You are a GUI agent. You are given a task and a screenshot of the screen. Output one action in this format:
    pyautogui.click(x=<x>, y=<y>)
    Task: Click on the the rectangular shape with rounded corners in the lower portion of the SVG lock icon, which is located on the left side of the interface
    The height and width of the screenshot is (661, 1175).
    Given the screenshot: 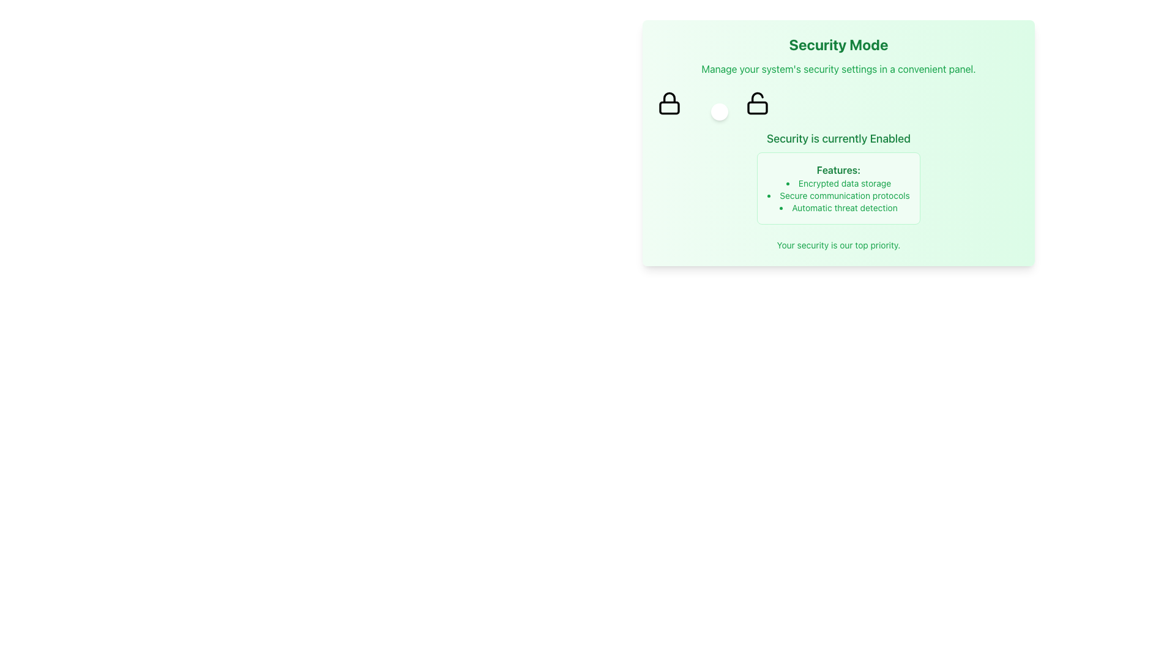 What is the action you would take?
    pyautogui.click(x=669, y=107)
    